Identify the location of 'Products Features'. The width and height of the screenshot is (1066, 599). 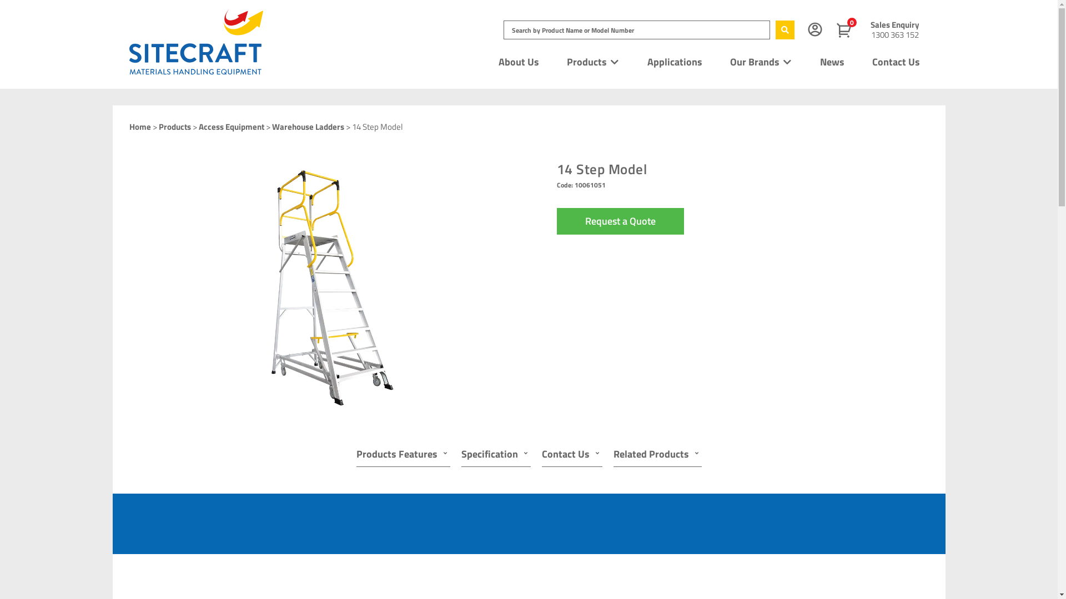
(403, 455).